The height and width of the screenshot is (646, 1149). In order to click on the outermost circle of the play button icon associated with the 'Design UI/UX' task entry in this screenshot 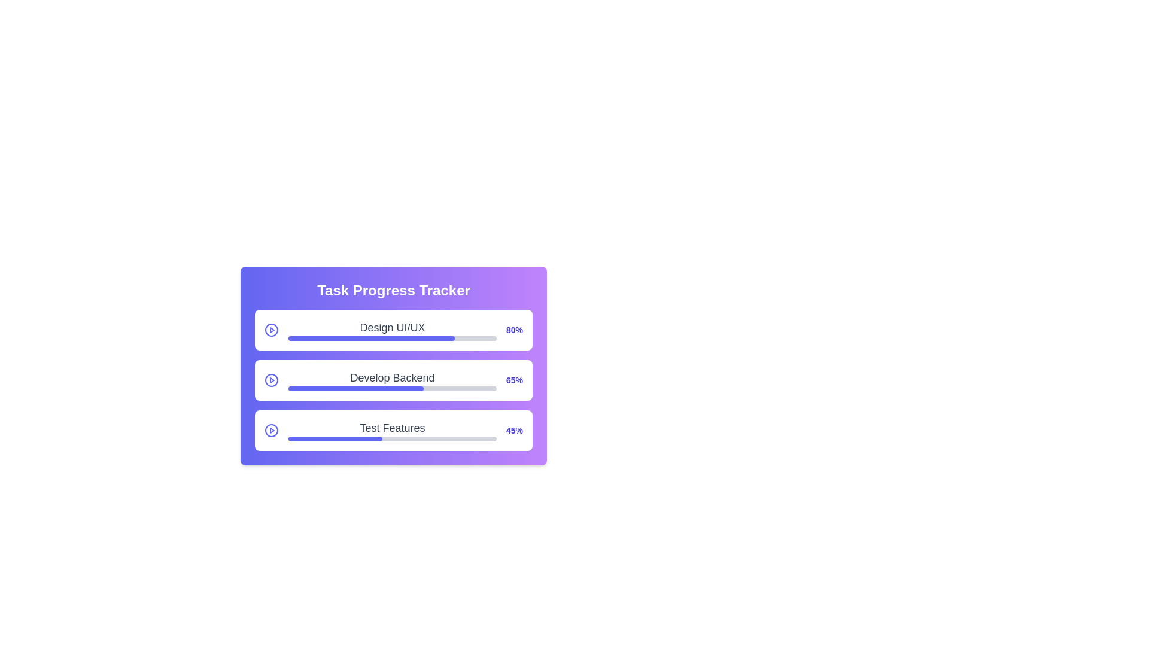, I will do `click(271, 330)`.